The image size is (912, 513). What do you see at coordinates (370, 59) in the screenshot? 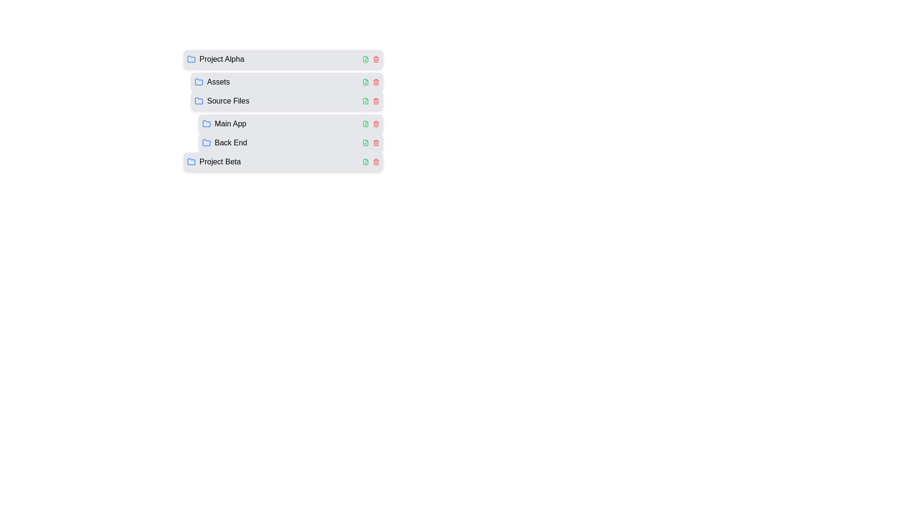
I see `the left icon within the 'Project Alpha' row` at bounding box center [370, 59].